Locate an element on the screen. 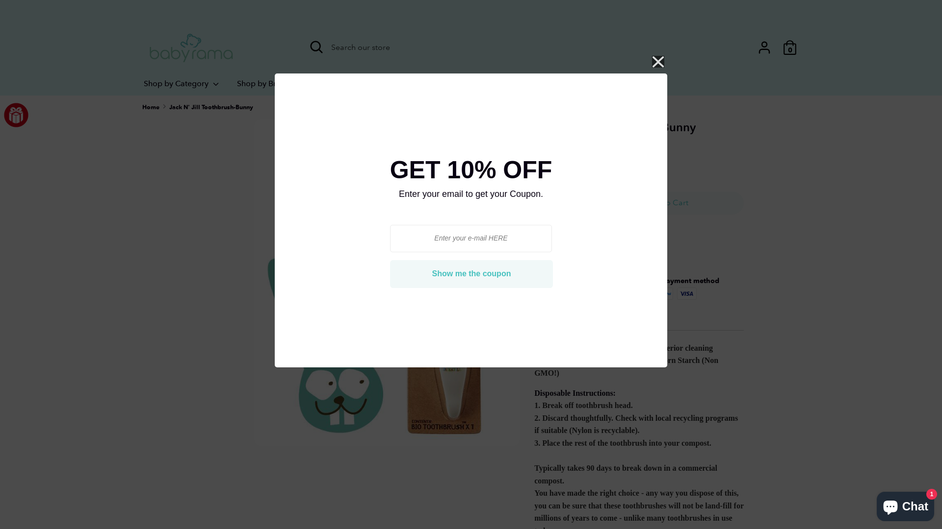 The width and height of the screenshot is (942, 529). 'Home' is located at coordinates (150, 107).